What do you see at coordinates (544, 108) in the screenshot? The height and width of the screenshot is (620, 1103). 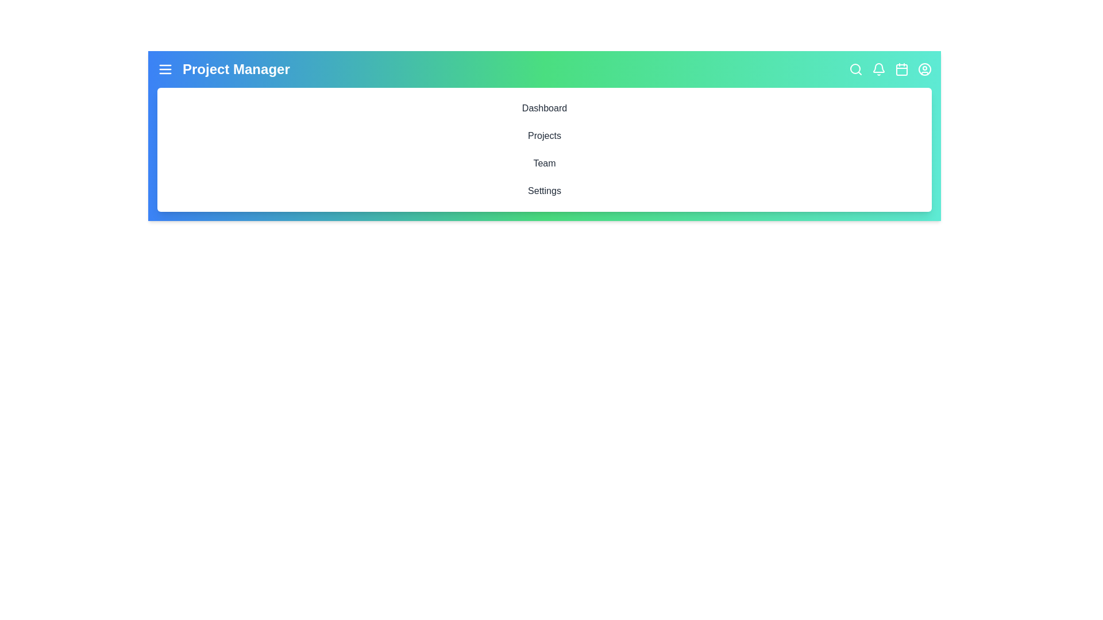 I see `the menu item Dashboard to navigate to the corresponding section` at bounding box center [544, 108].